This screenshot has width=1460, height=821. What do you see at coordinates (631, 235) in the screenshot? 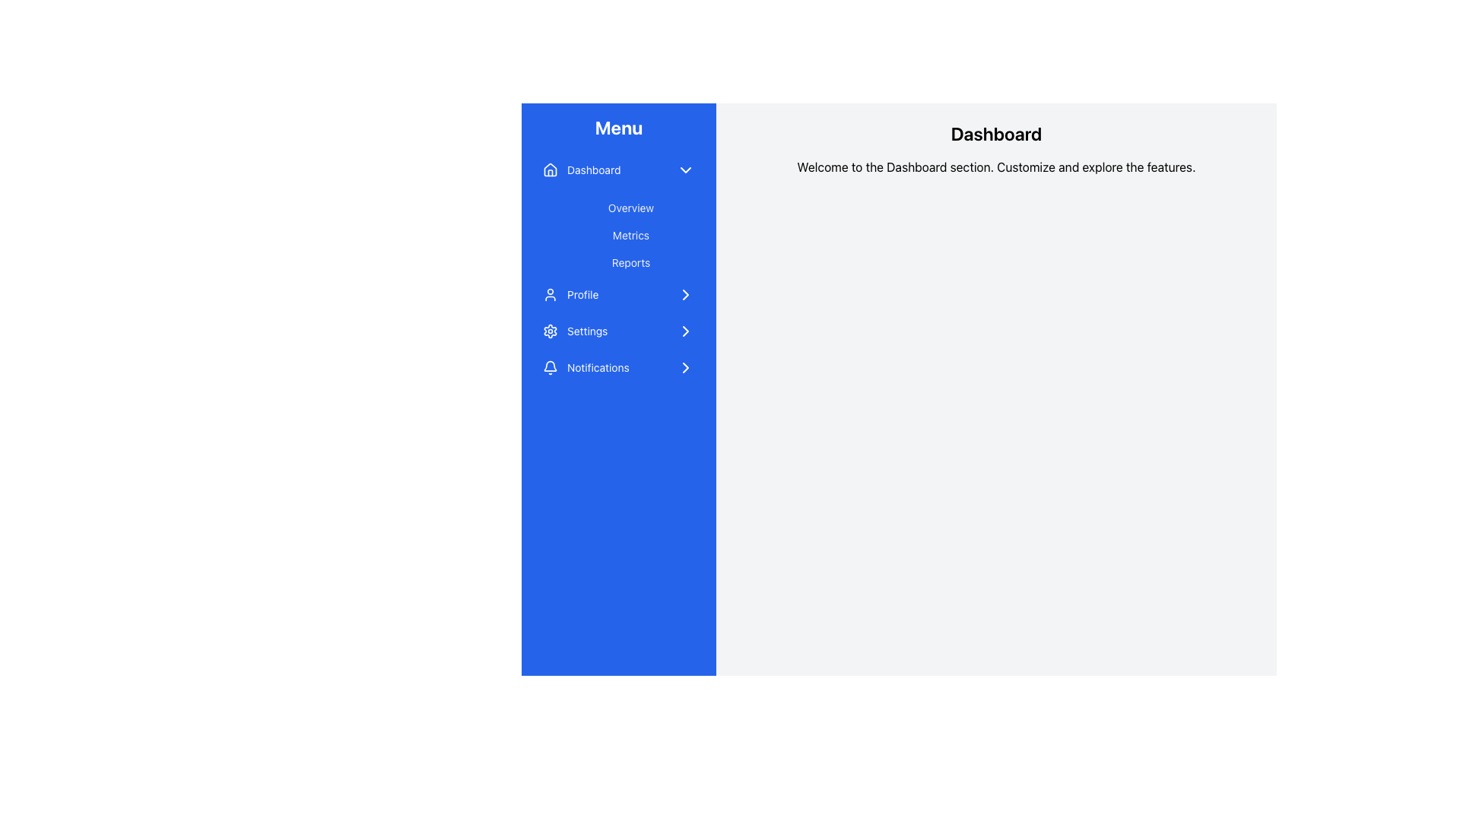
I see `the 'Metrics' text label in the navigation menu` at bounding box center [631, 235].